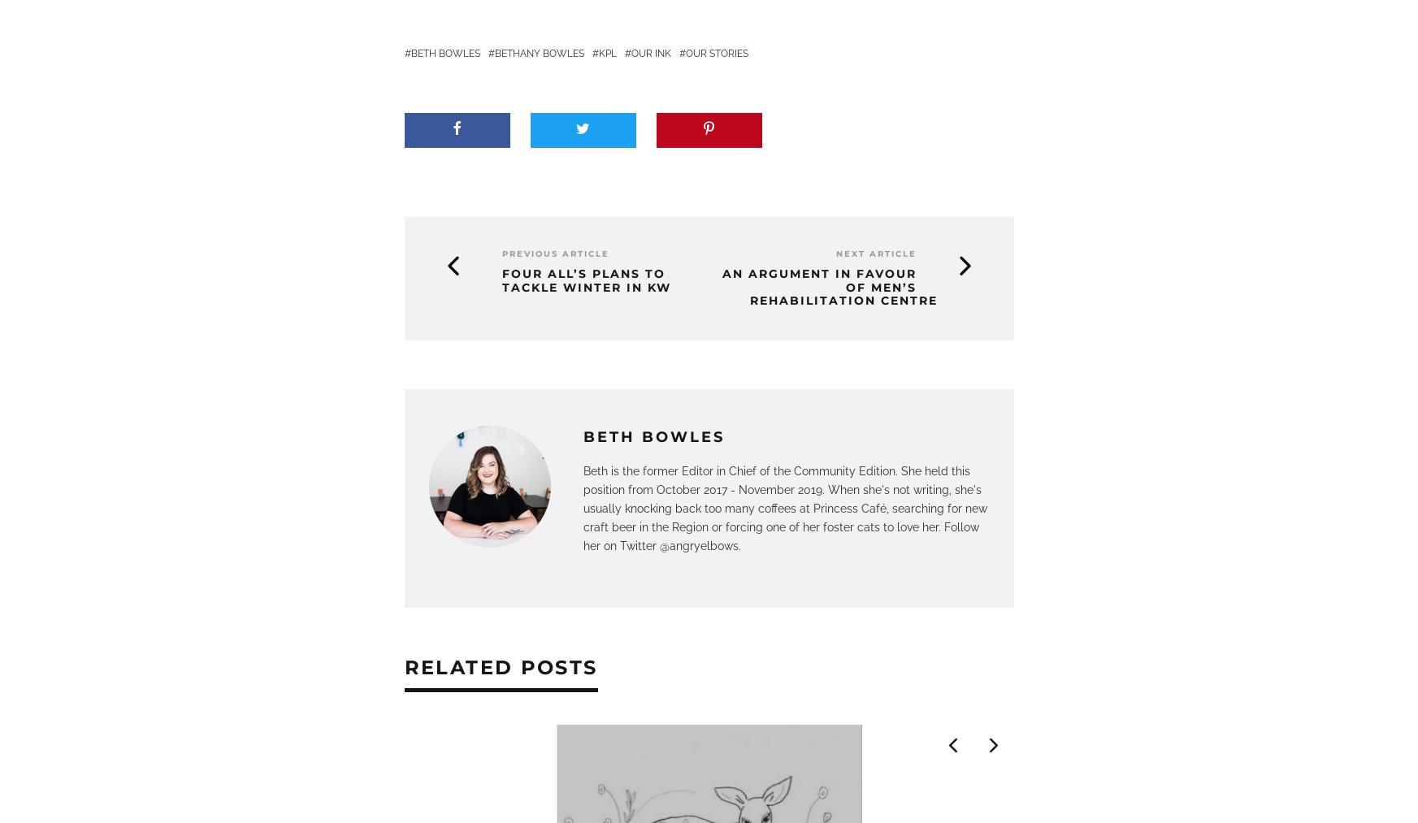  I want to click on 'Bethany Bowles', so click(537, 53).